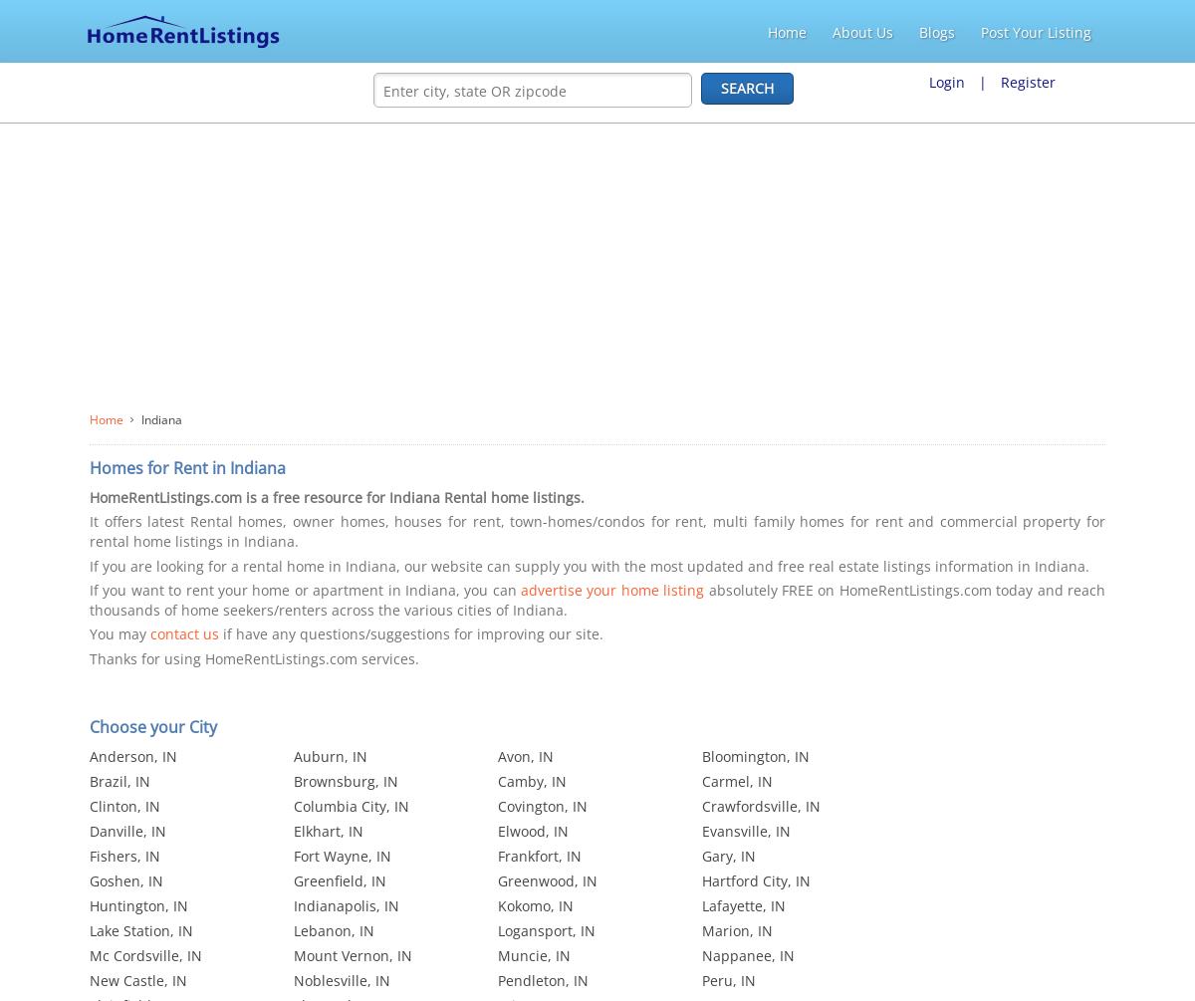  Describe the element at coordinates (329, 831) in the screenshot. I see `'Elkhart, IN'` at that location.